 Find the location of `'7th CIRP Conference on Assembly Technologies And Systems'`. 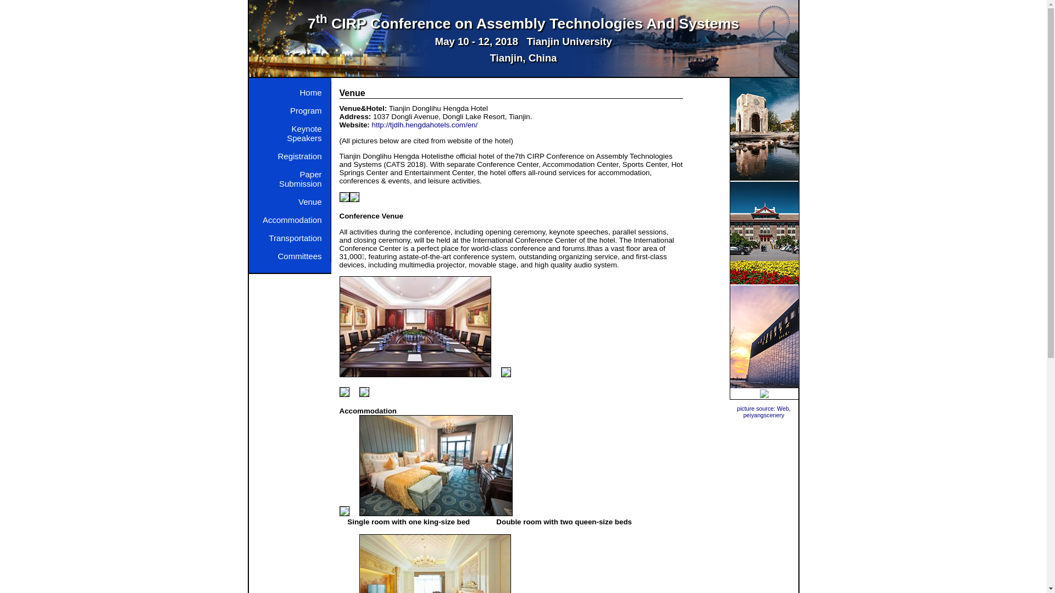

'7th CIRP Conference on Assembly Technologies And Systems' is located at coordinates (308, 23).